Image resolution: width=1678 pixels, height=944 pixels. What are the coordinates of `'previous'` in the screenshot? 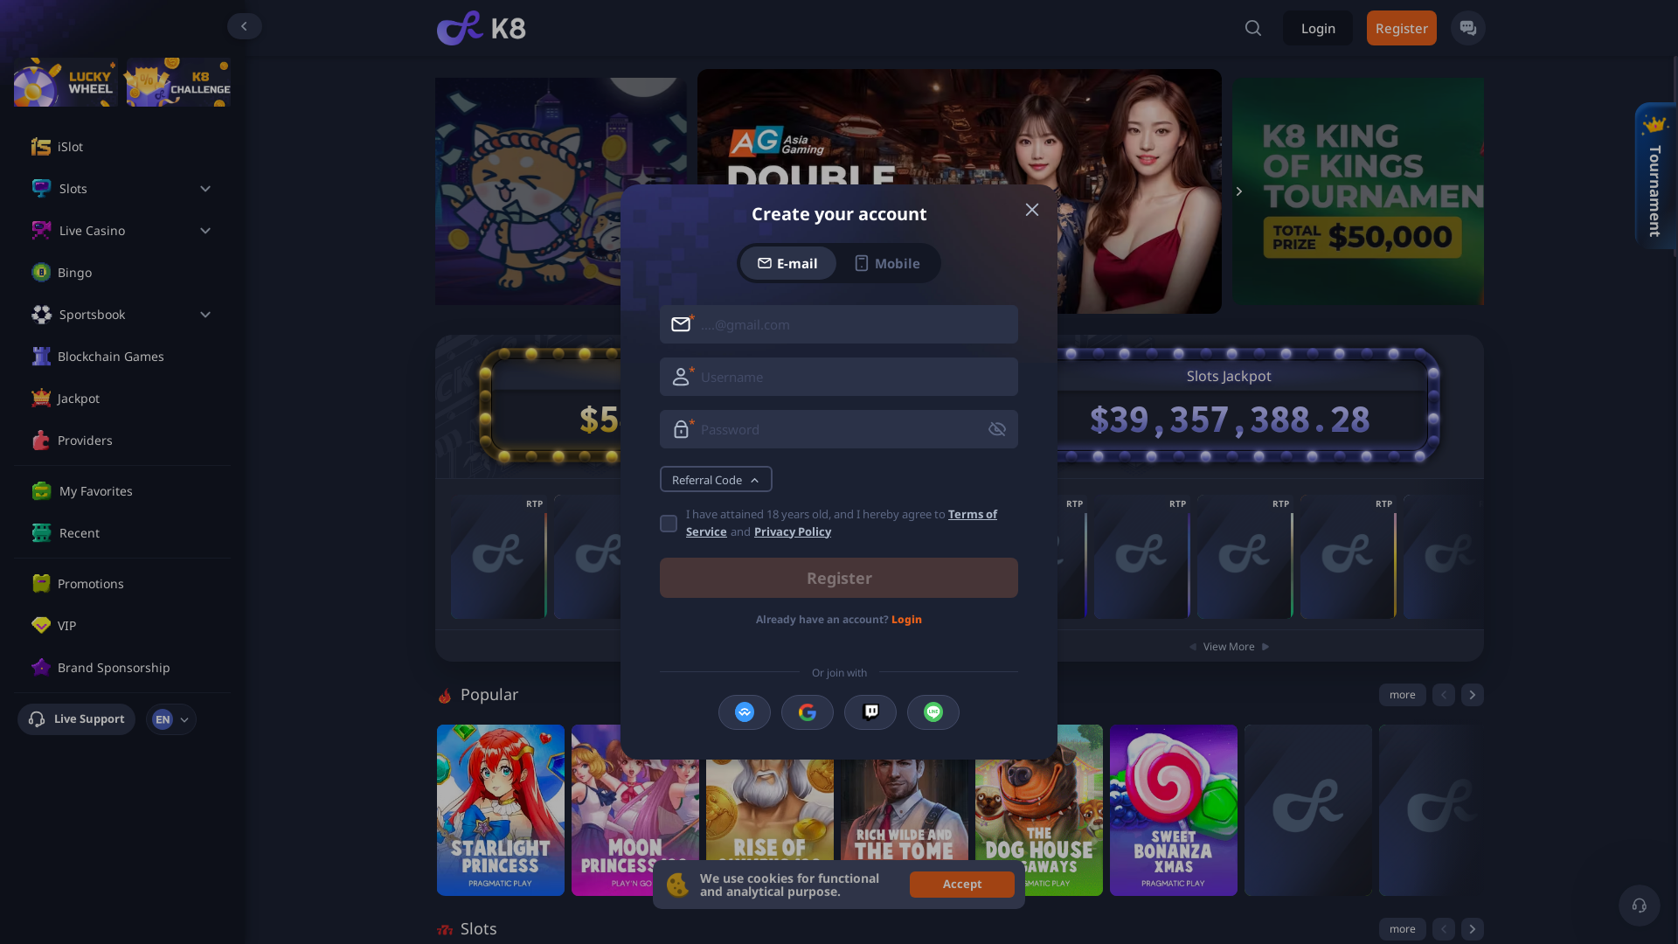 It's located at (1443, 928).